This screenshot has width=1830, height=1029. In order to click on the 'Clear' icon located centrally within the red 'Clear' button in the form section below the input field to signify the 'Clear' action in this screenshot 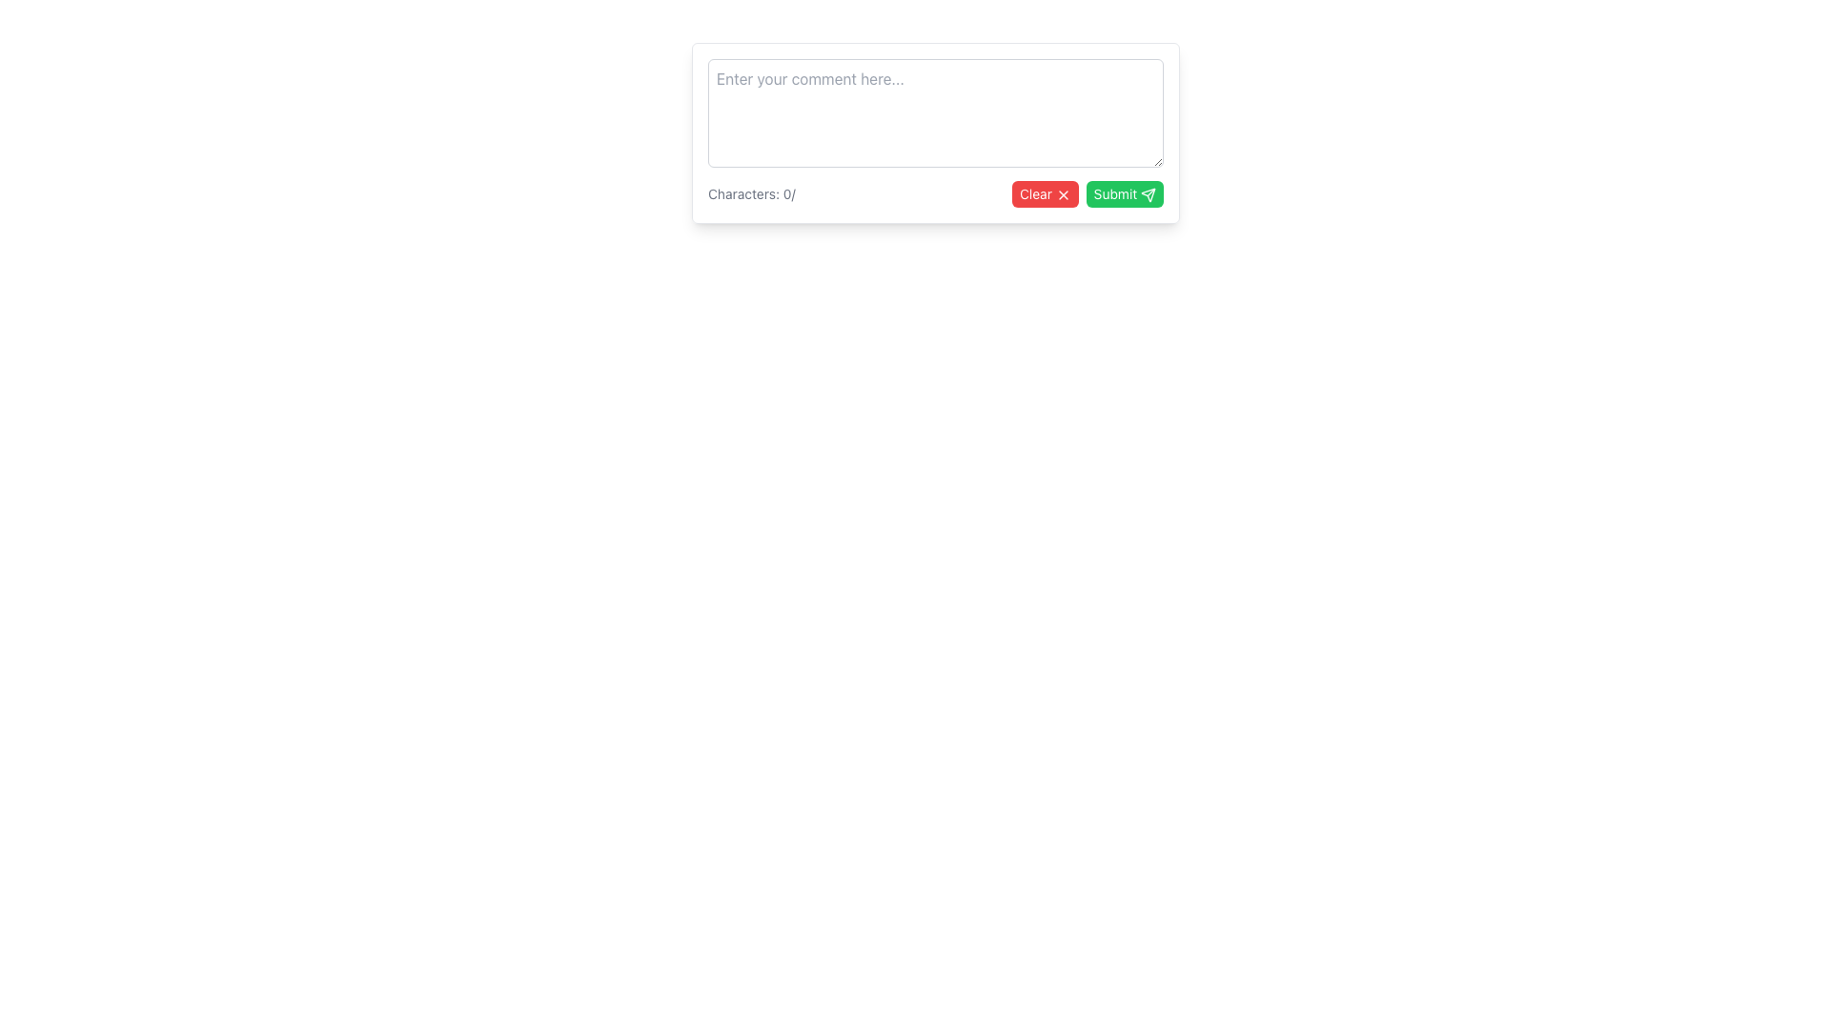, I will do `click(1062, 195)`.